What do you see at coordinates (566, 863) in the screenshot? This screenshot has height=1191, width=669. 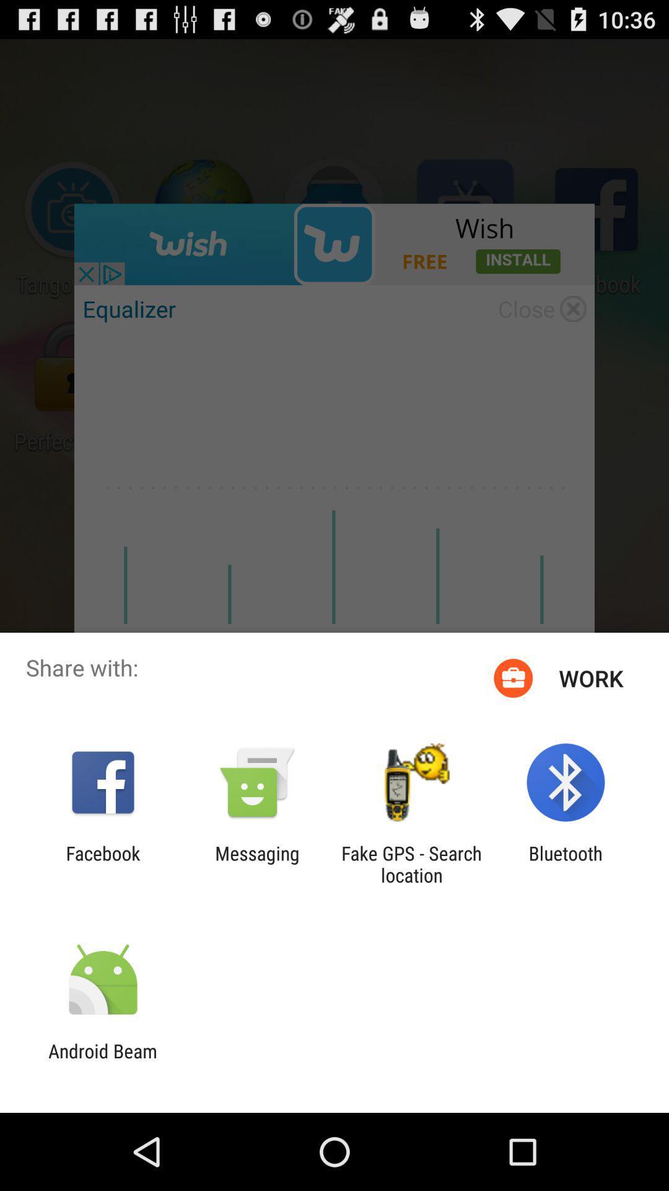 I see `the bluetooth at the bottom right corner` at bounding box center [566, 863].